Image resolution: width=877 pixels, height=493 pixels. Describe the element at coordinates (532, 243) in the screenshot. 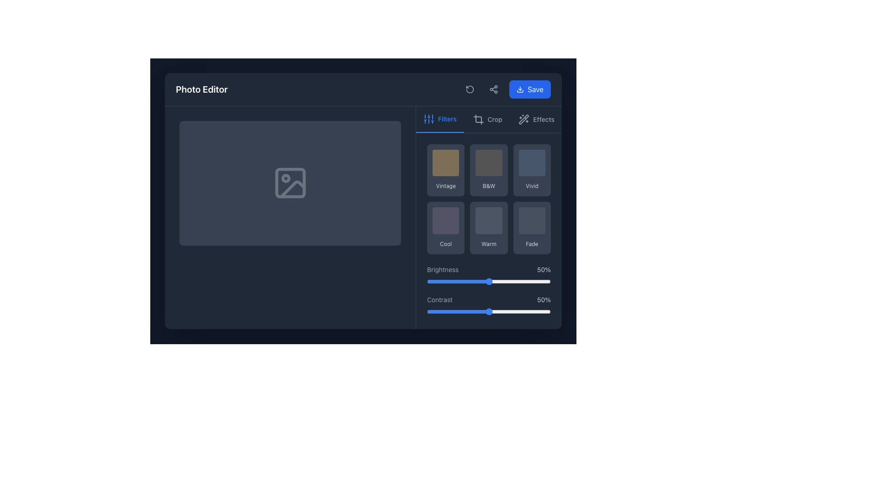

I see `the button containing the 'Fade' label` at that location.